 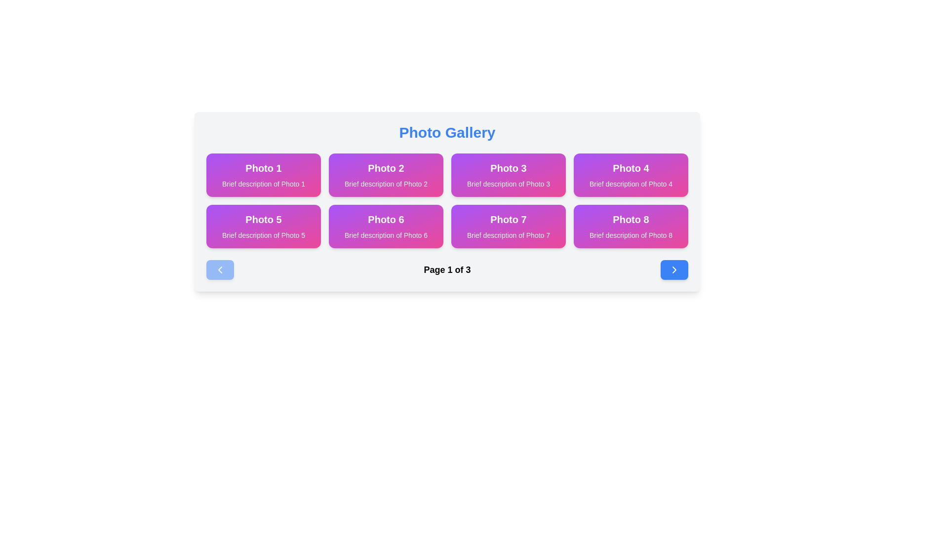 What do you see at coordinates (263, 227) in the screenshot?
I see `the rectangular card in the 'Photo Gallery' section that features a gradient background from purple to pink, displaying 'Photo 5' at the center top and a smaller description below` at bounding box center [263, 227].